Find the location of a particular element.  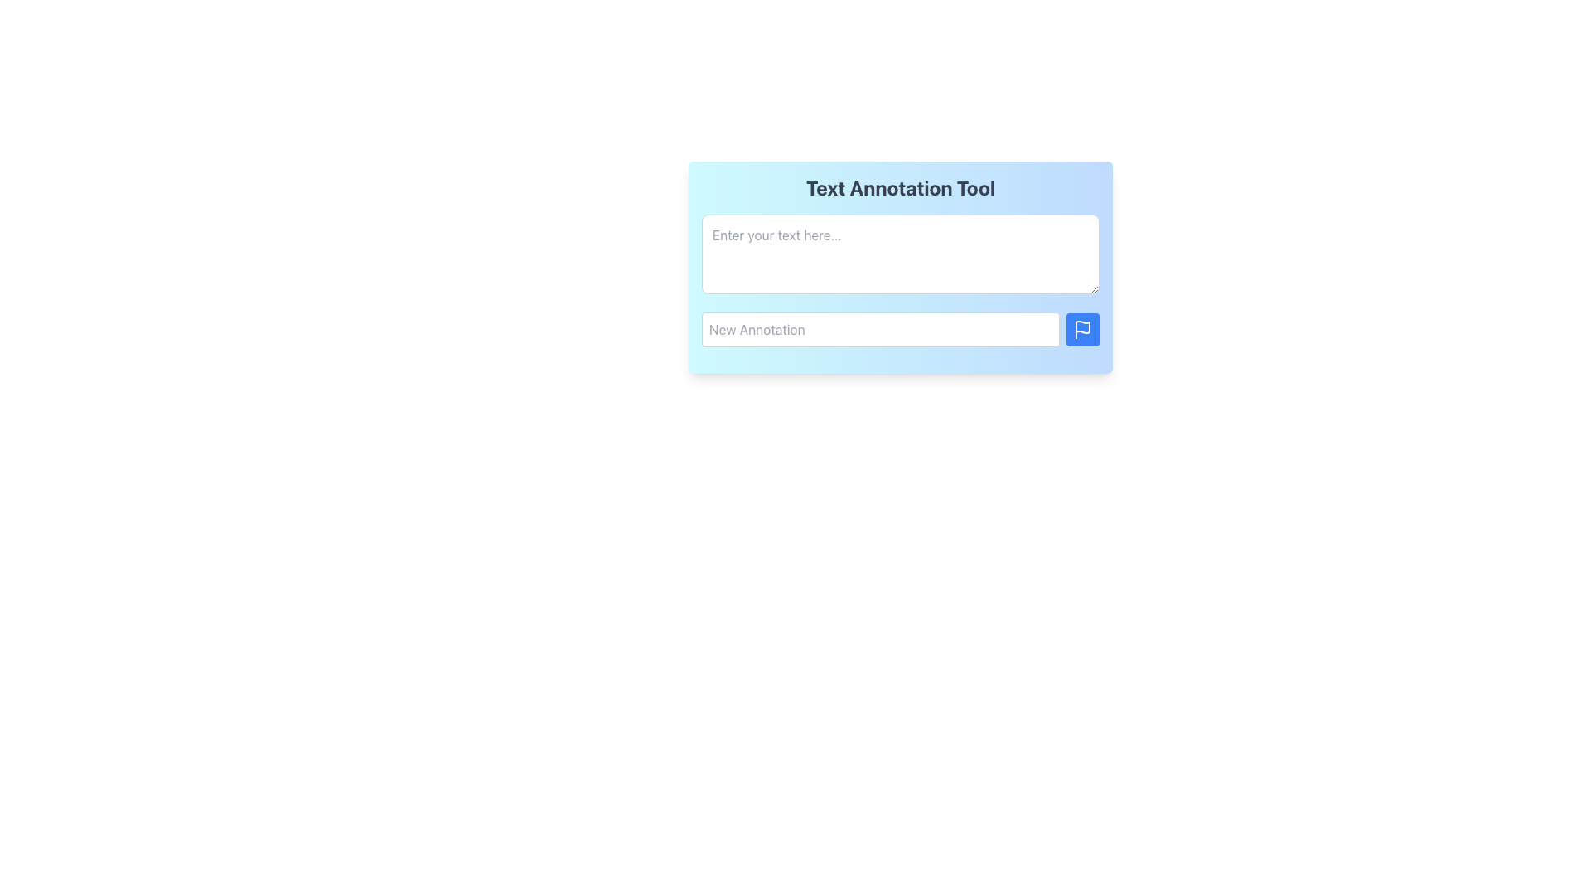

the flag icon located within the button at the far-right of the 'New Annotation' text input field is located at coordinates (1082, 327).